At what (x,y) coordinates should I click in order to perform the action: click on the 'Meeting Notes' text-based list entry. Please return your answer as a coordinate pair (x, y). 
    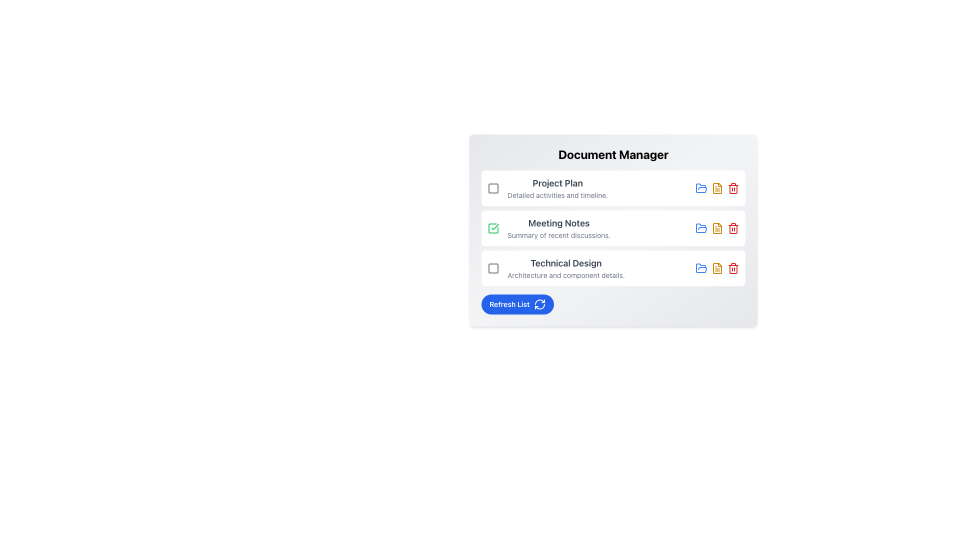
    Looking at the image, I should click on (548, 228).